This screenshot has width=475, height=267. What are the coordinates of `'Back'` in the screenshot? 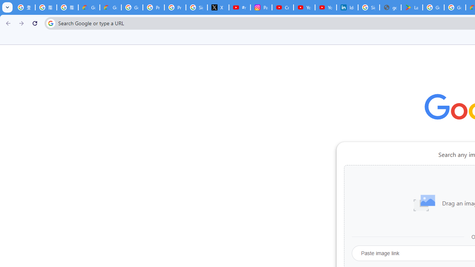 It's located at (7, 23).